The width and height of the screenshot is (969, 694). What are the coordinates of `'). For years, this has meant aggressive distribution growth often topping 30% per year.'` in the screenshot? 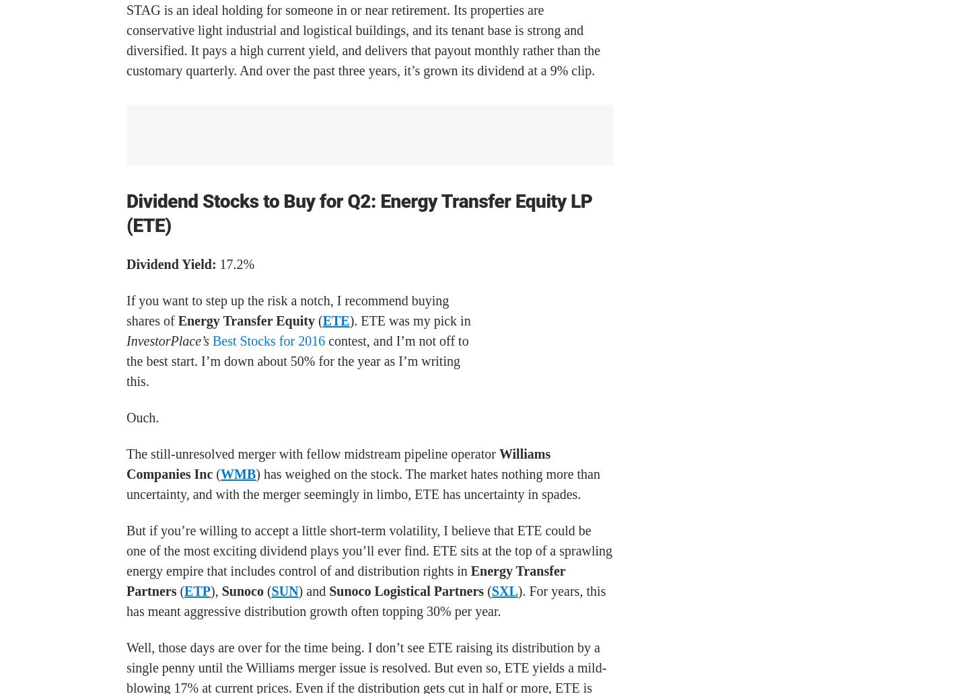 It's located at (366, 601).